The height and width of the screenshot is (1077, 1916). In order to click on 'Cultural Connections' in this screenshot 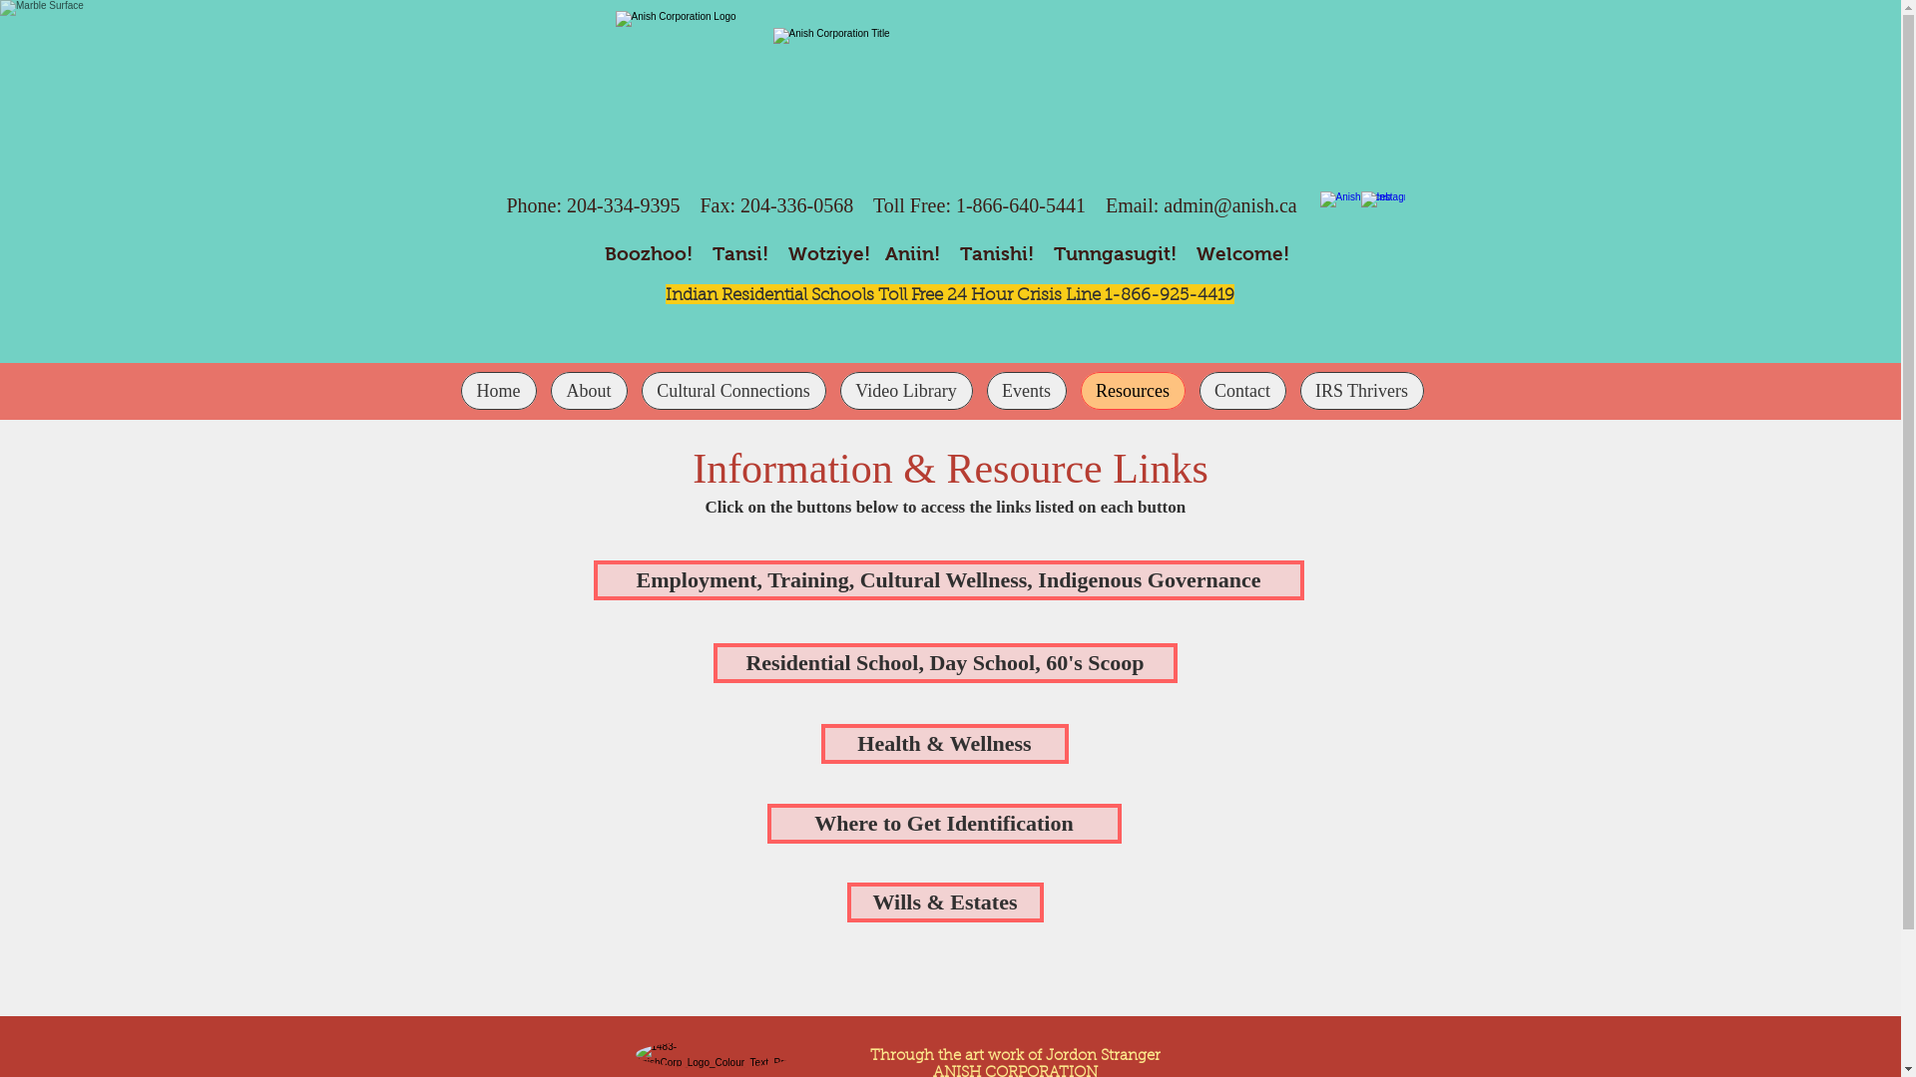, I will do `click(731, 391)`.